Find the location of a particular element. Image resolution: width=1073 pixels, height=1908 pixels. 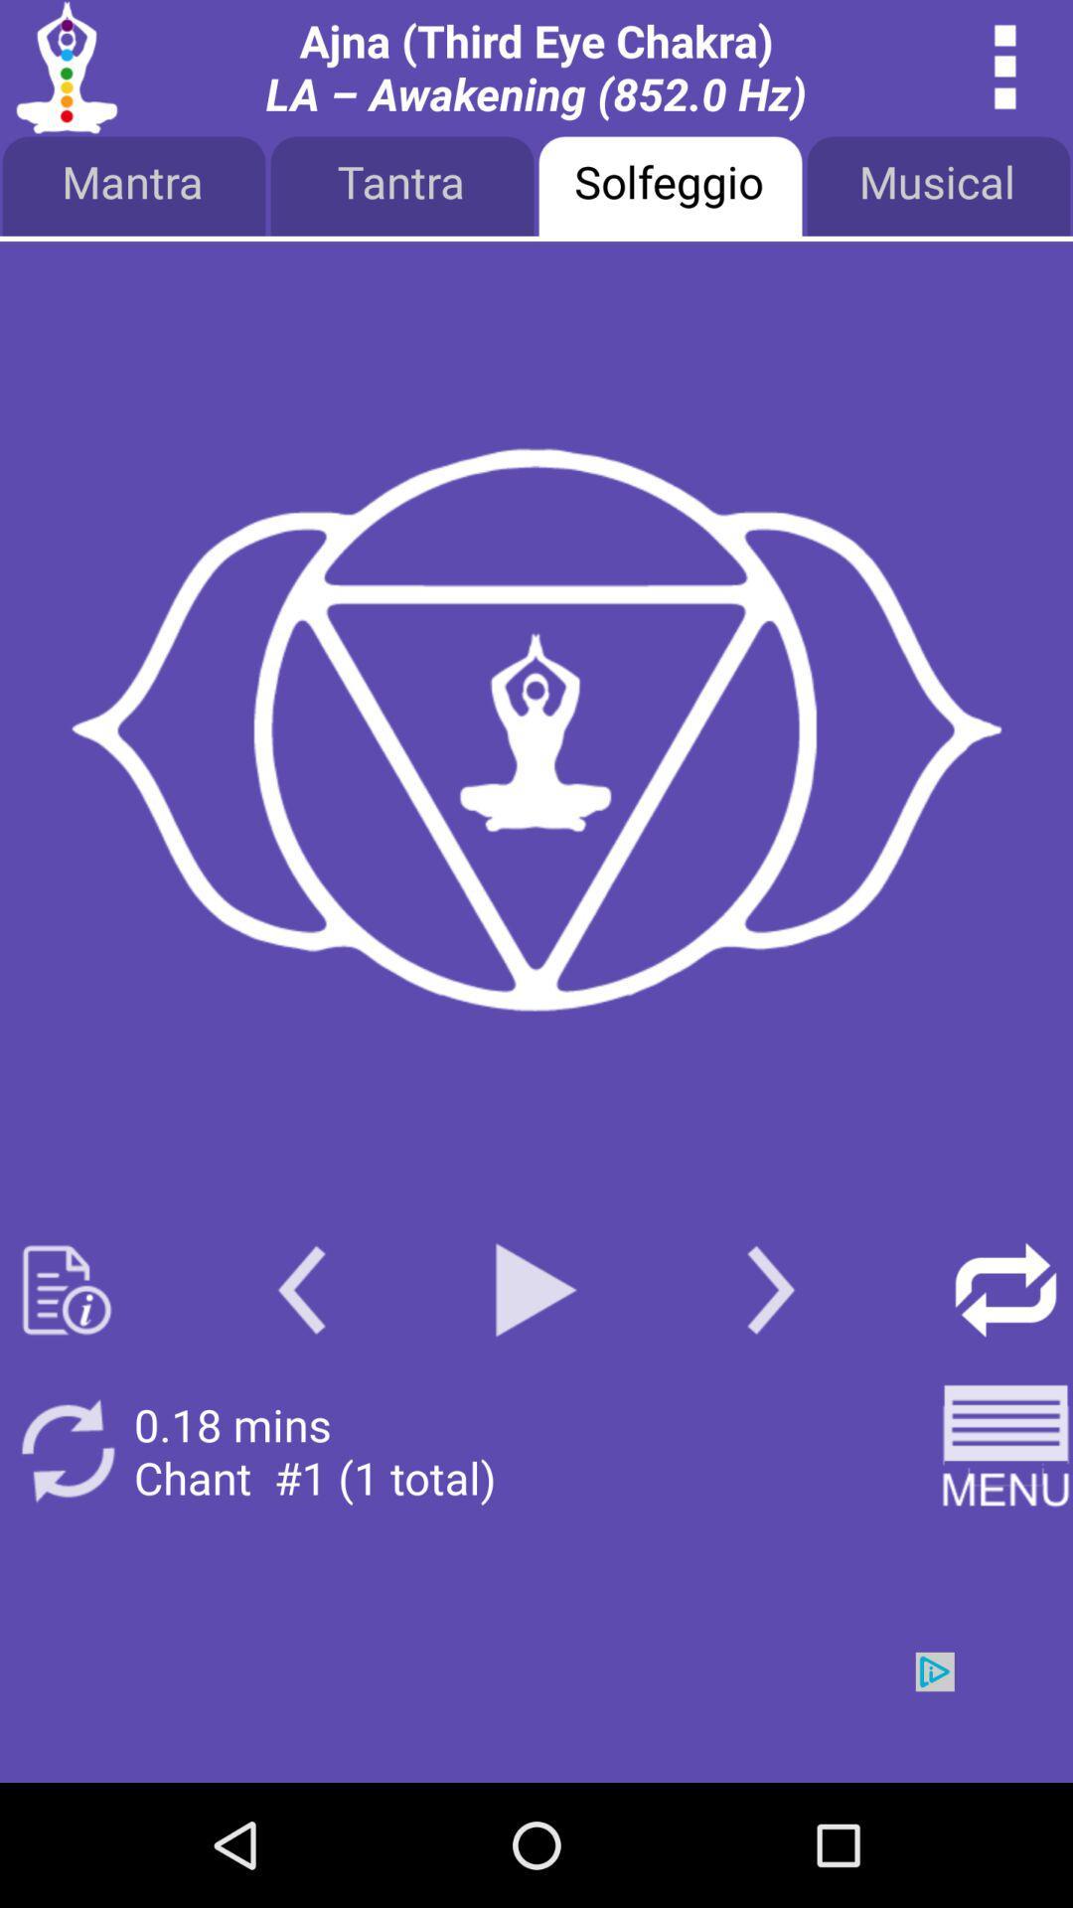

see details is located at coordinates (1005, 67).